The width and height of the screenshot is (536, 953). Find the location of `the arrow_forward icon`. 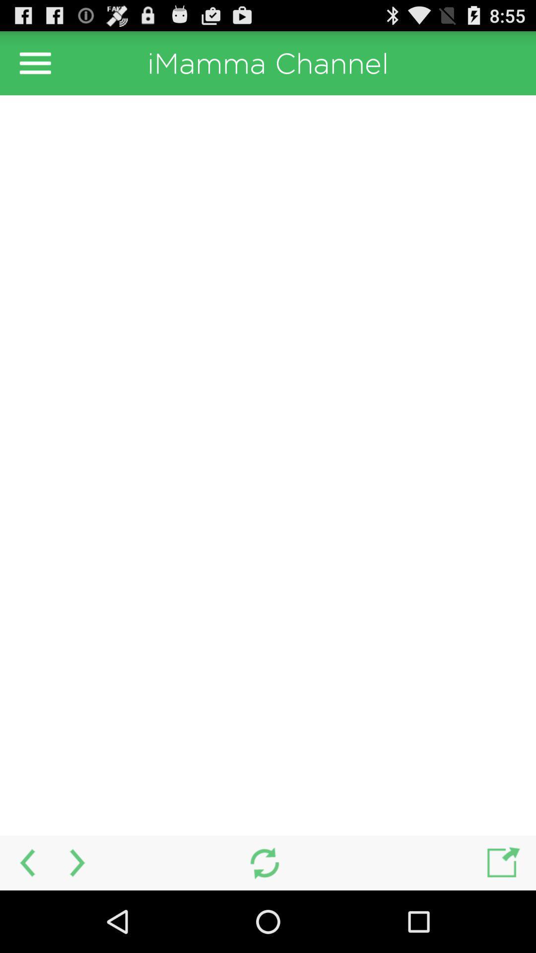

the arrow_forward icon is located at coordinates (78, 923).